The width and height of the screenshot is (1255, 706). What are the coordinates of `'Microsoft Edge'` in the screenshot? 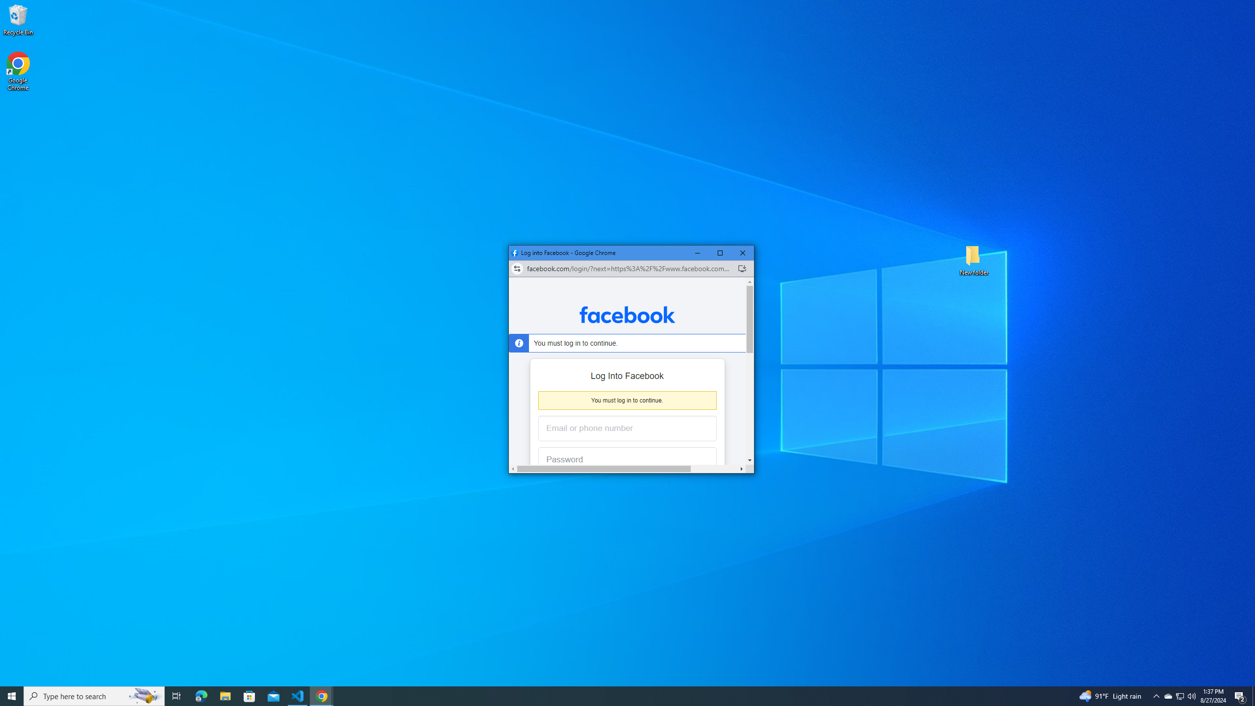 It's located at (201, 695).